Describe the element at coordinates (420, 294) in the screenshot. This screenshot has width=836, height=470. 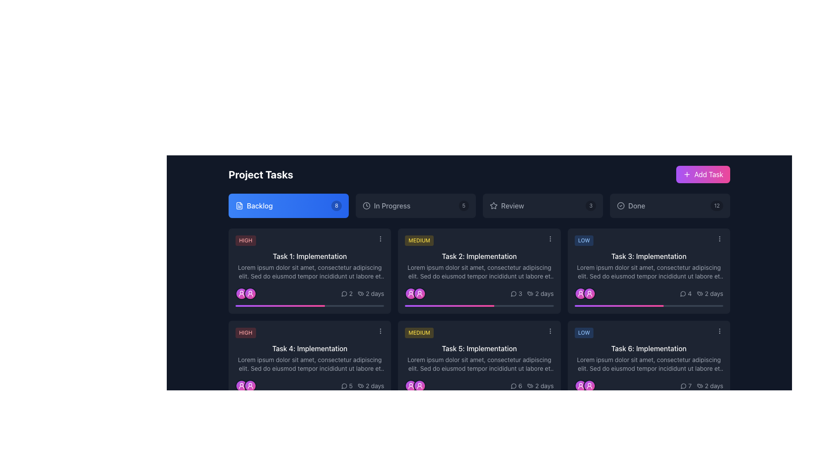
I see `the second user icon button located in the 'Task 2: Implementation' panel` at that location.